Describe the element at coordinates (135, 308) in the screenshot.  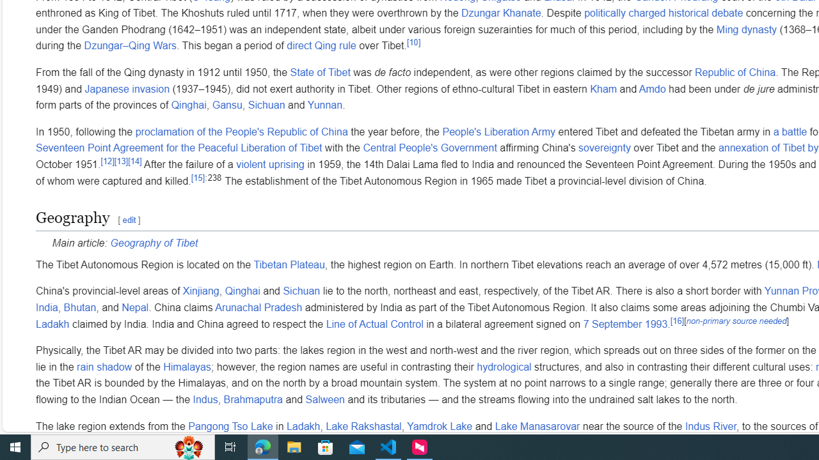
I see `'Nepal'` at that location.